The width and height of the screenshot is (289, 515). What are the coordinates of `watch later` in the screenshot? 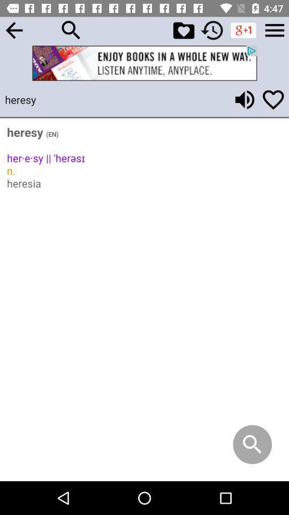 It's located at (212, 30).